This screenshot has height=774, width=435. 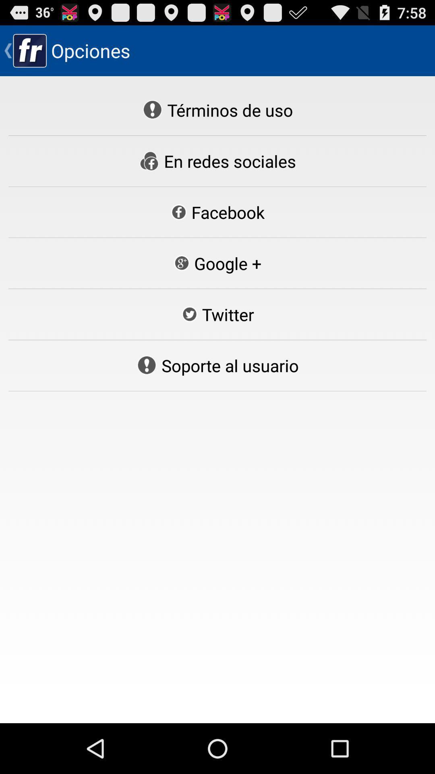 I want to click on the en redes sociales, so click(x=217, y=161).